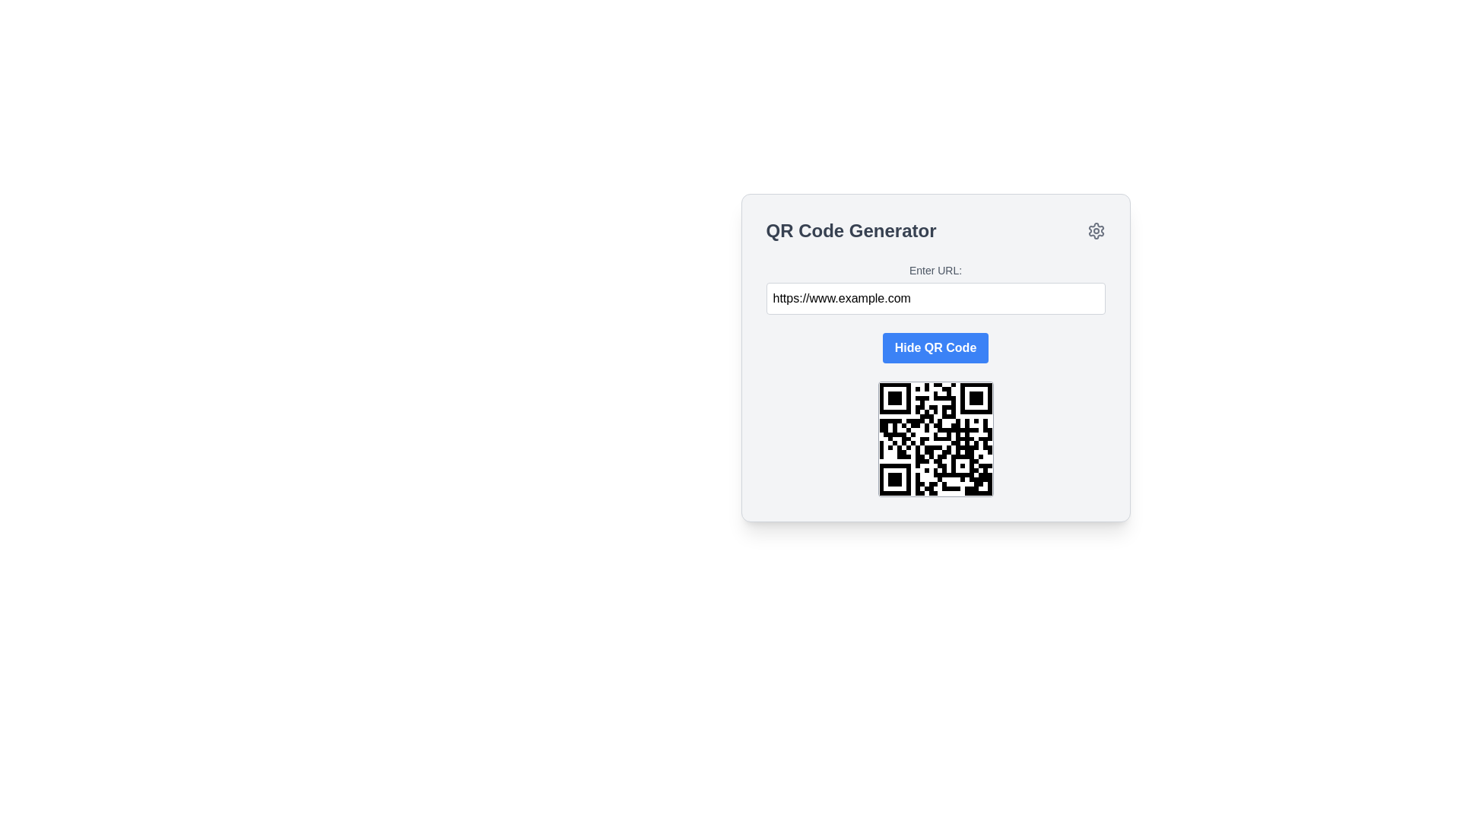  I want to click on the 'QR Code Generator' text label, which is a bold, large-sized header styled in dark gray and positioned near the top-left corner of the card component, to the left of a gear icon, so click(850, 231).